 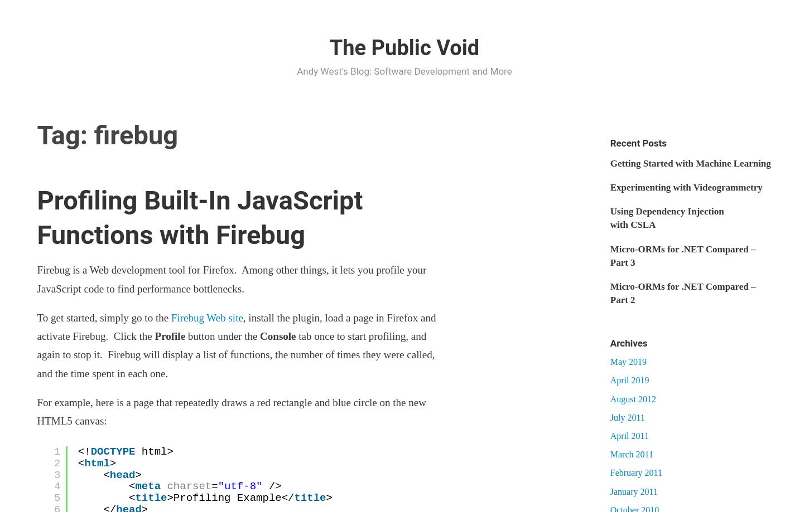 I want to click on '4', so click(x=53, y=485).